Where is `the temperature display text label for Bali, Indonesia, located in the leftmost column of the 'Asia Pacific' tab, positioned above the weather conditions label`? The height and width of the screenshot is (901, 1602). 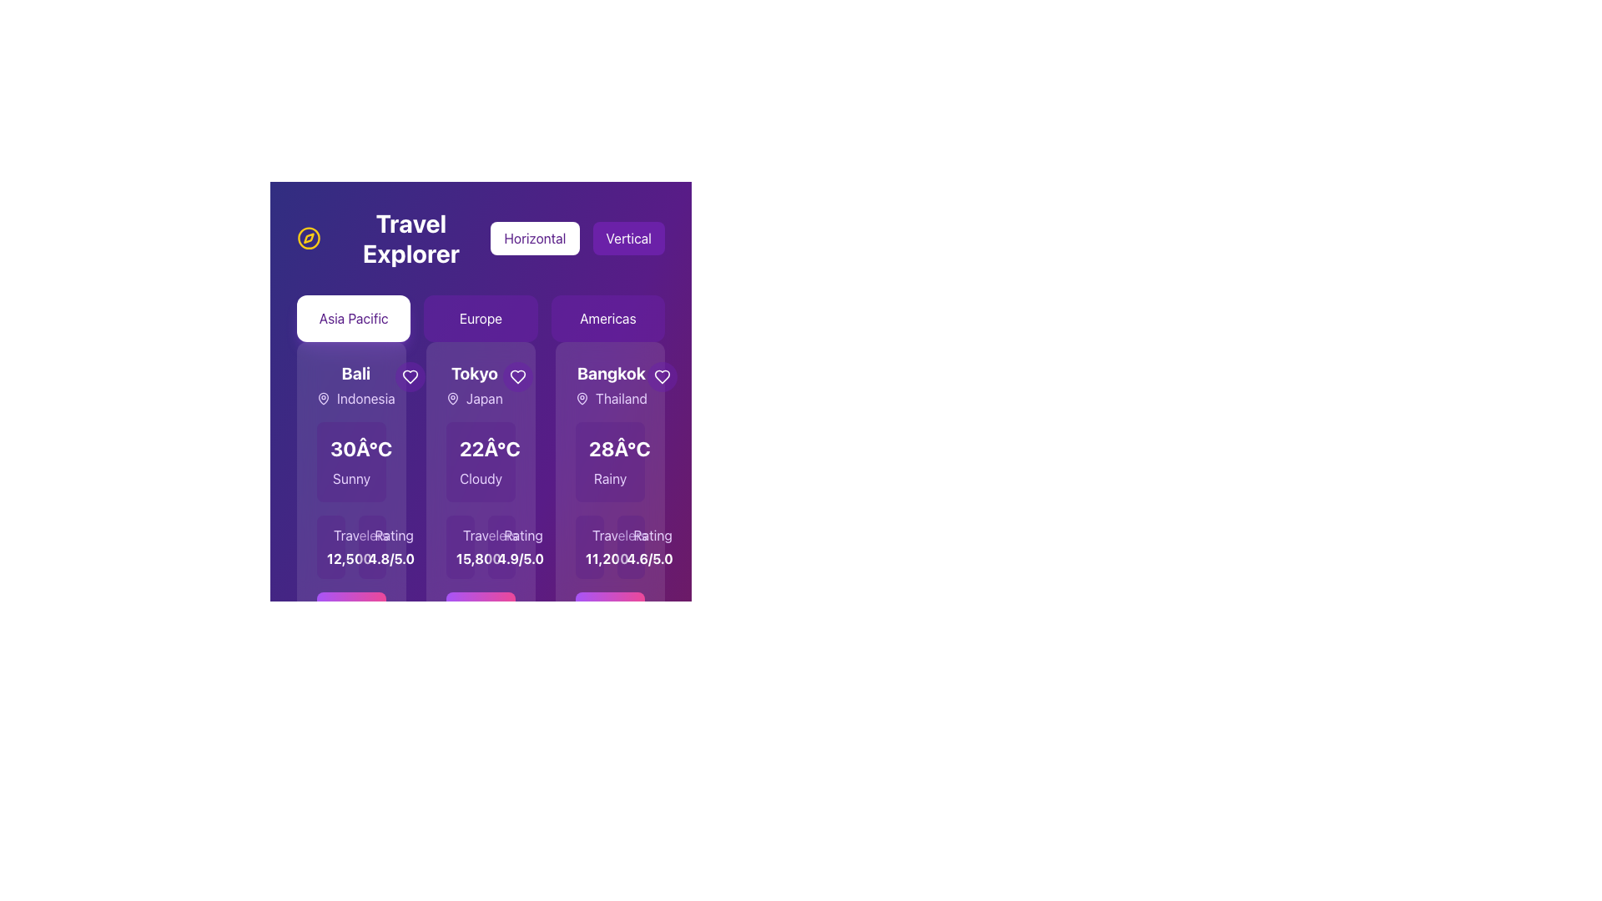 the temperature display text label for Bali, Indonesia, located in the leftmost column of the 'Asia Pacific' tab, positioned above the weather conditions label is located at coordinates (360, 447).